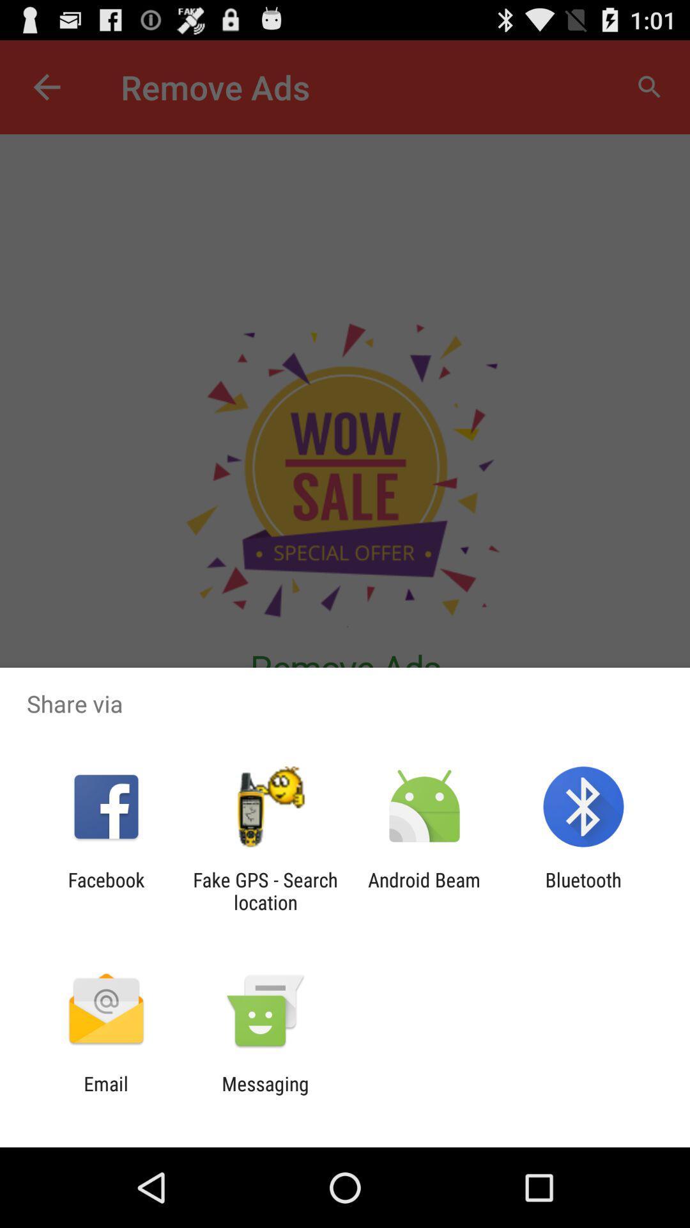 The height and width of the screenshot is (1228, 690). I want to click on item to the right of the fake gps search icon, so click(424, 890).